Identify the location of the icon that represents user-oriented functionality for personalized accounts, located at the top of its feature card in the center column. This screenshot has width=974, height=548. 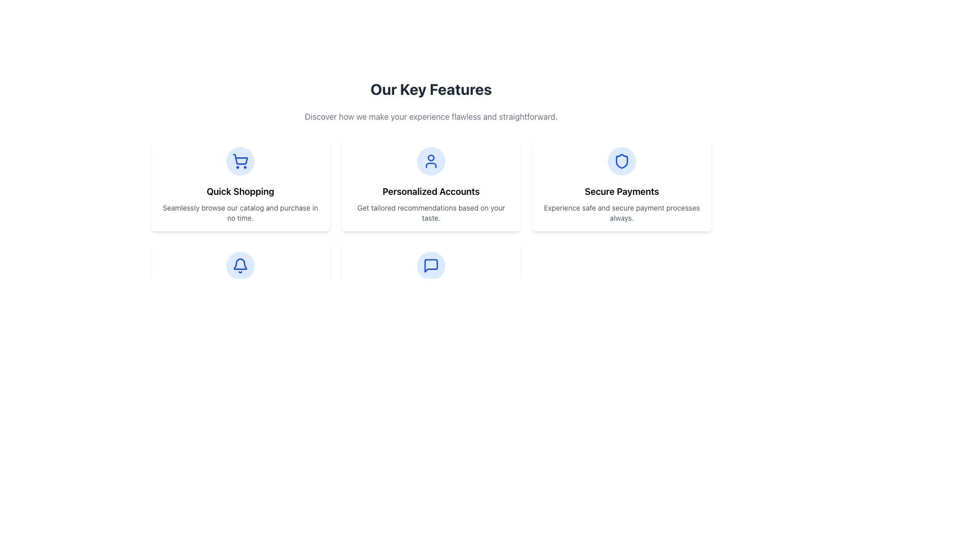
(431, 160).